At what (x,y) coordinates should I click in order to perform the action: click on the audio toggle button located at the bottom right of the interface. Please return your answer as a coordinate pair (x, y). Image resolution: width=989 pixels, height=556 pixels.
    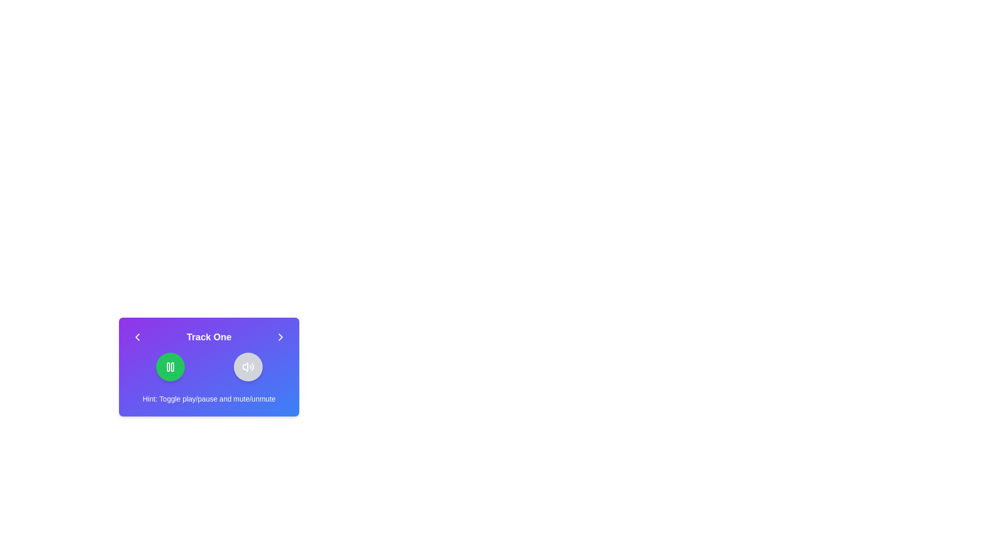
    Looking at the image, I should click on (248, 367).